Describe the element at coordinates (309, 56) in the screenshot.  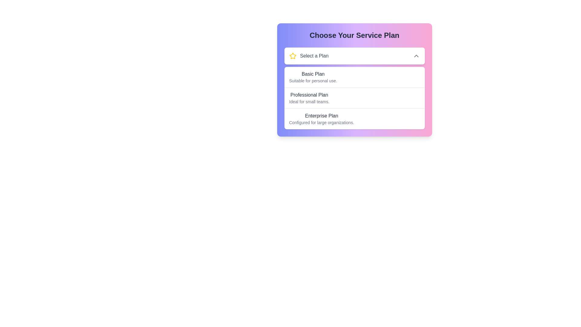
I see `the dropdown selector title for choosing a service plan, located in the top section of a card-like layout with a gradient background` at that location.